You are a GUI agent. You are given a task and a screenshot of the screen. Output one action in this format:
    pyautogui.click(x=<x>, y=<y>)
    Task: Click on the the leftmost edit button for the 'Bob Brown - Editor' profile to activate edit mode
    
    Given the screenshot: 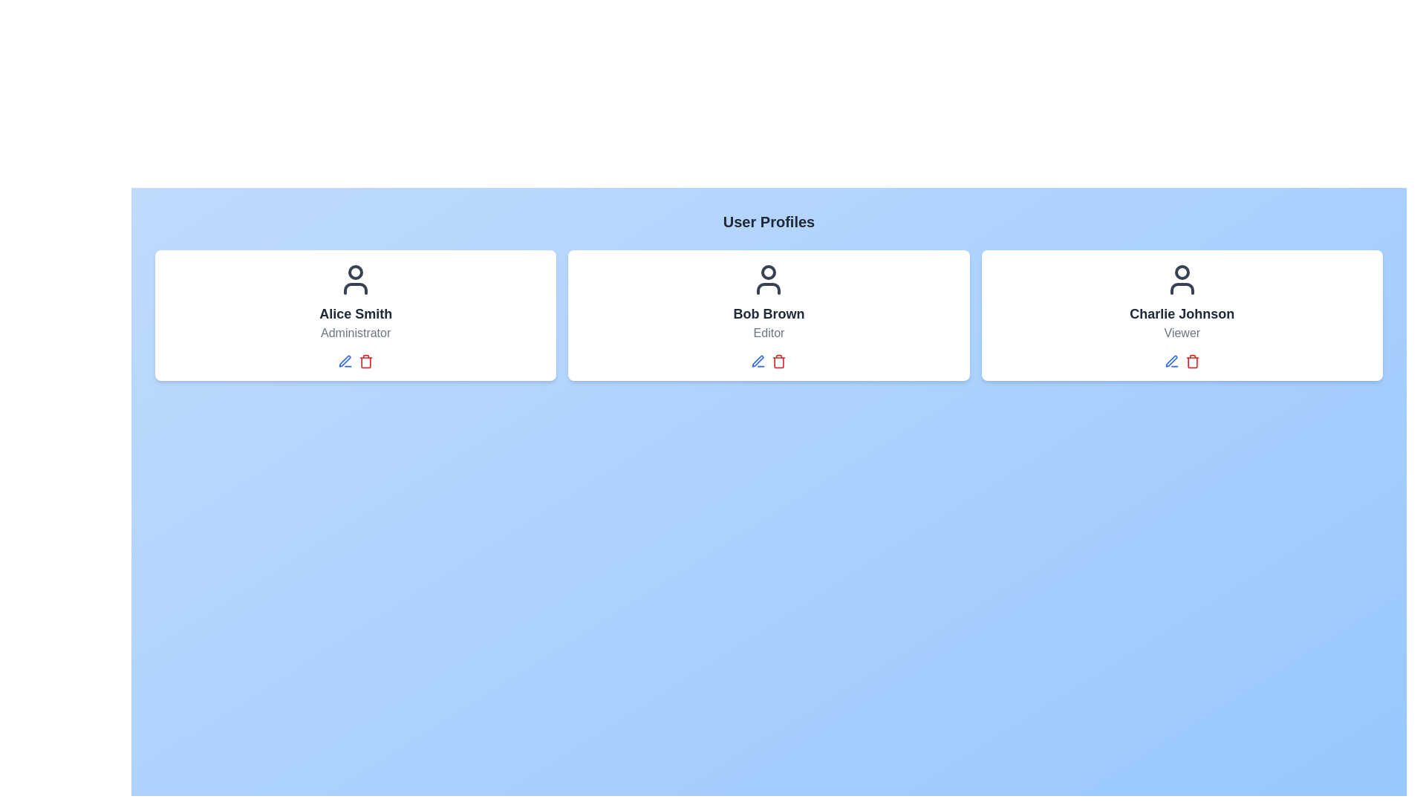 What is the action you would take?
    pyautogui.click(x=758, y=361)
    